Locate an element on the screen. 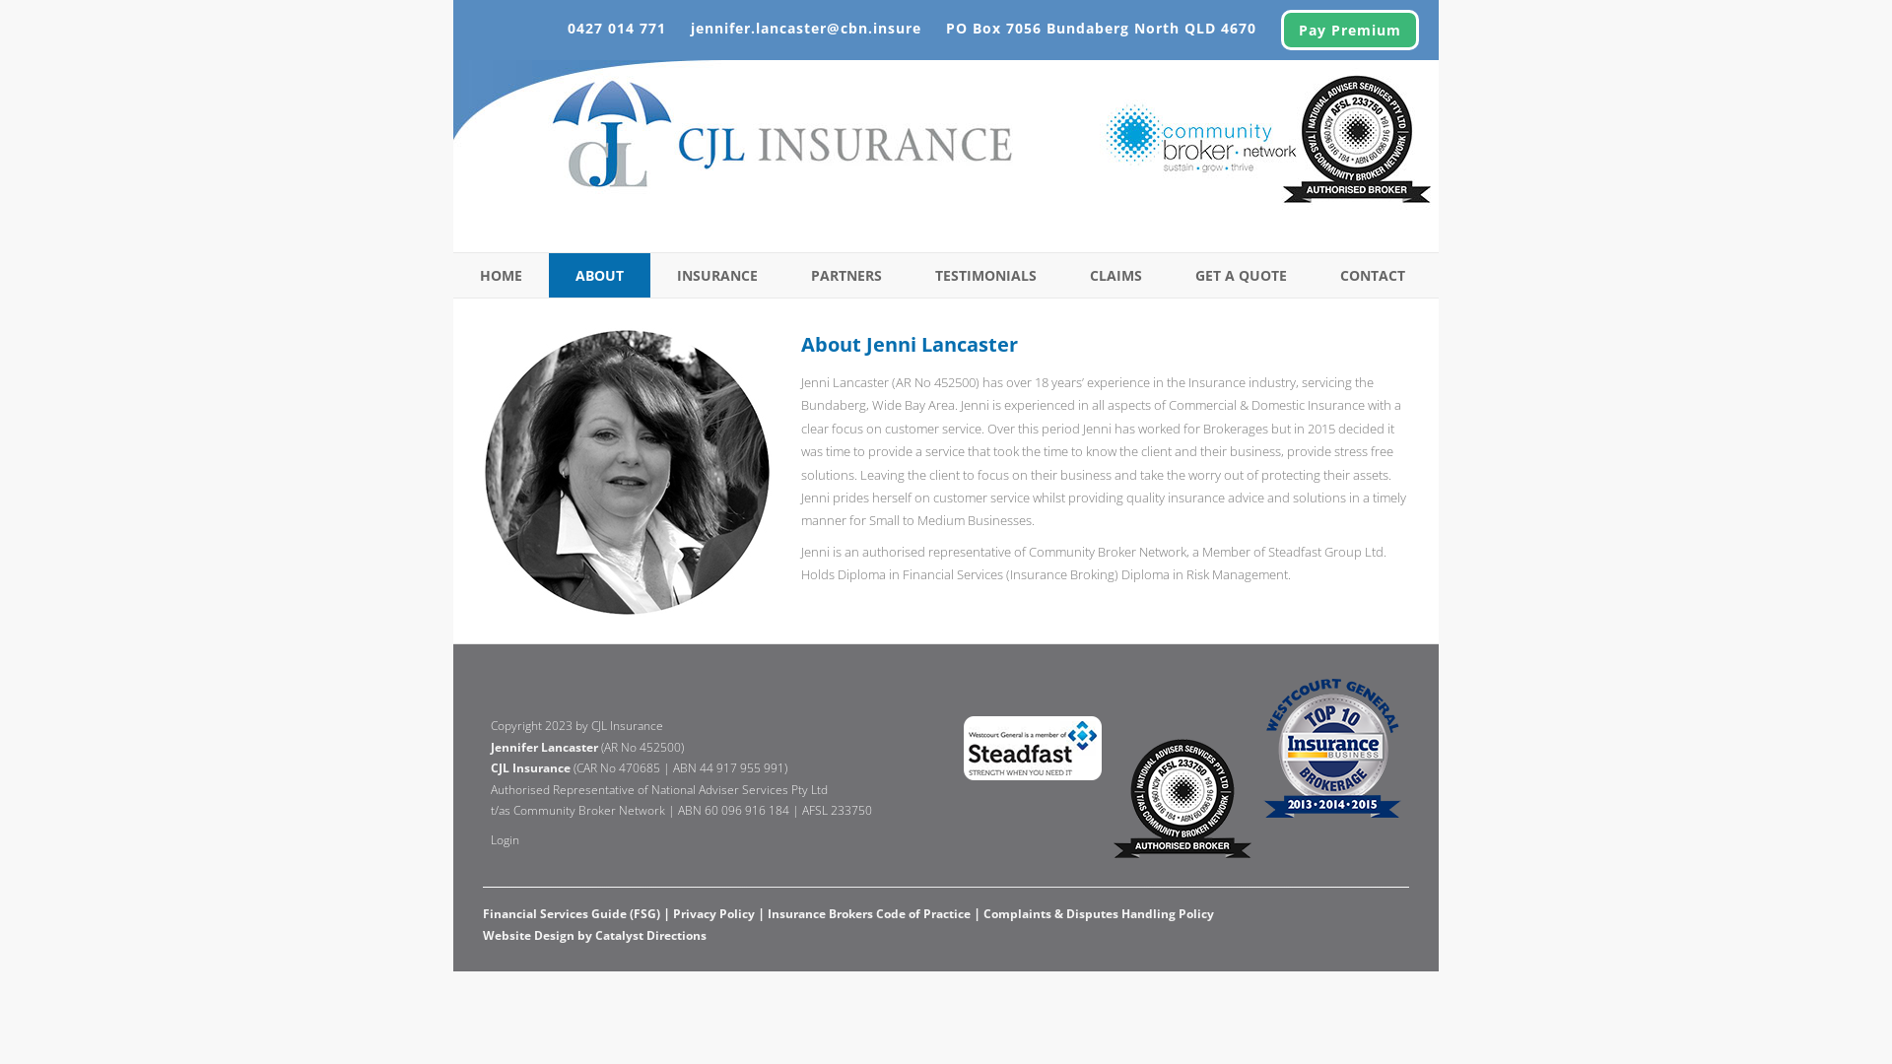 The width and height of the screenshot is (1892, 1064). 'TESTIMONIALS' is located at coordinates (985, 275).